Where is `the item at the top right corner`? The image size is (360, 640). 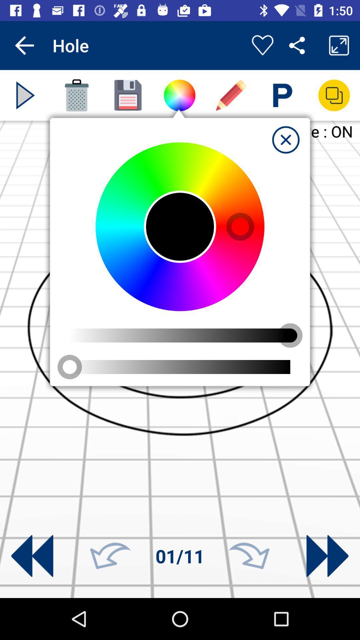 the item at the top right corner is located at coordinates (285, 139).